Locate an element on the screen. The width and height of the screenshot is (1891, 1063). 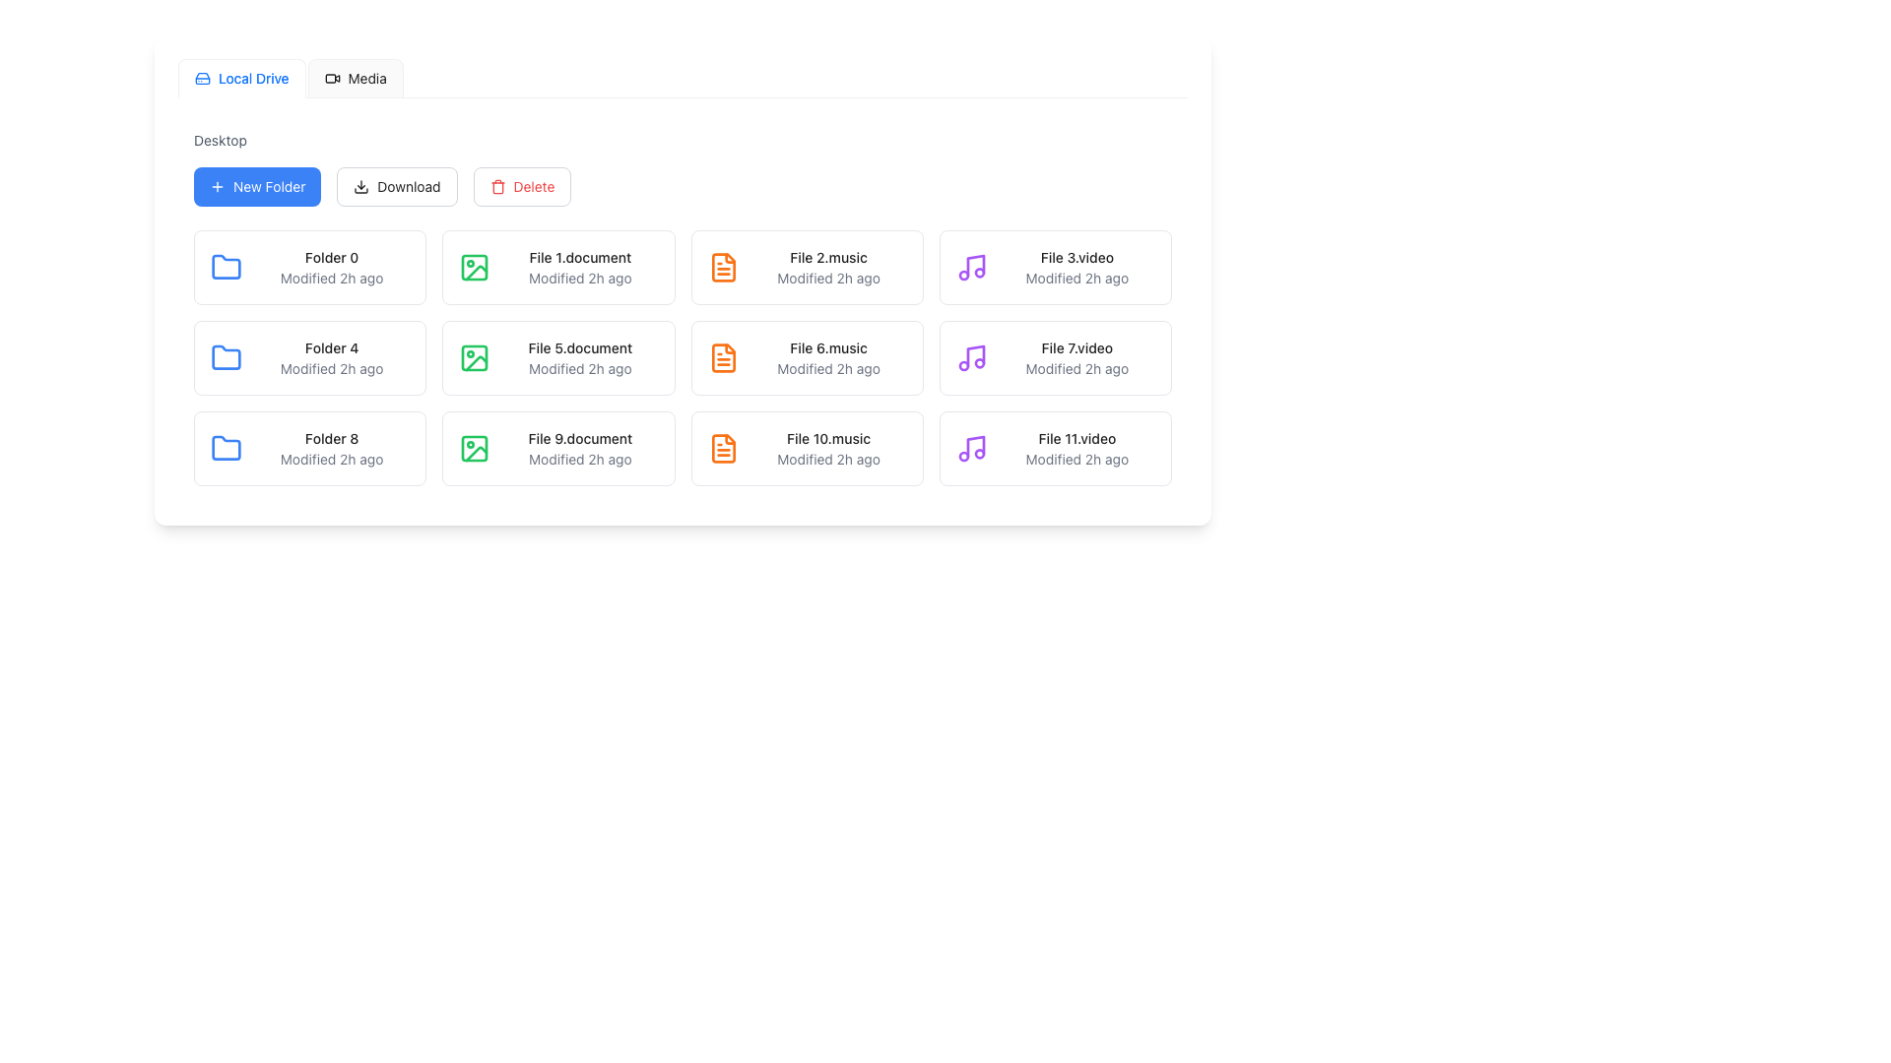
the folder icon with a blue color fill, labeled 'Folder 4' is located at coordinates (227, 356).